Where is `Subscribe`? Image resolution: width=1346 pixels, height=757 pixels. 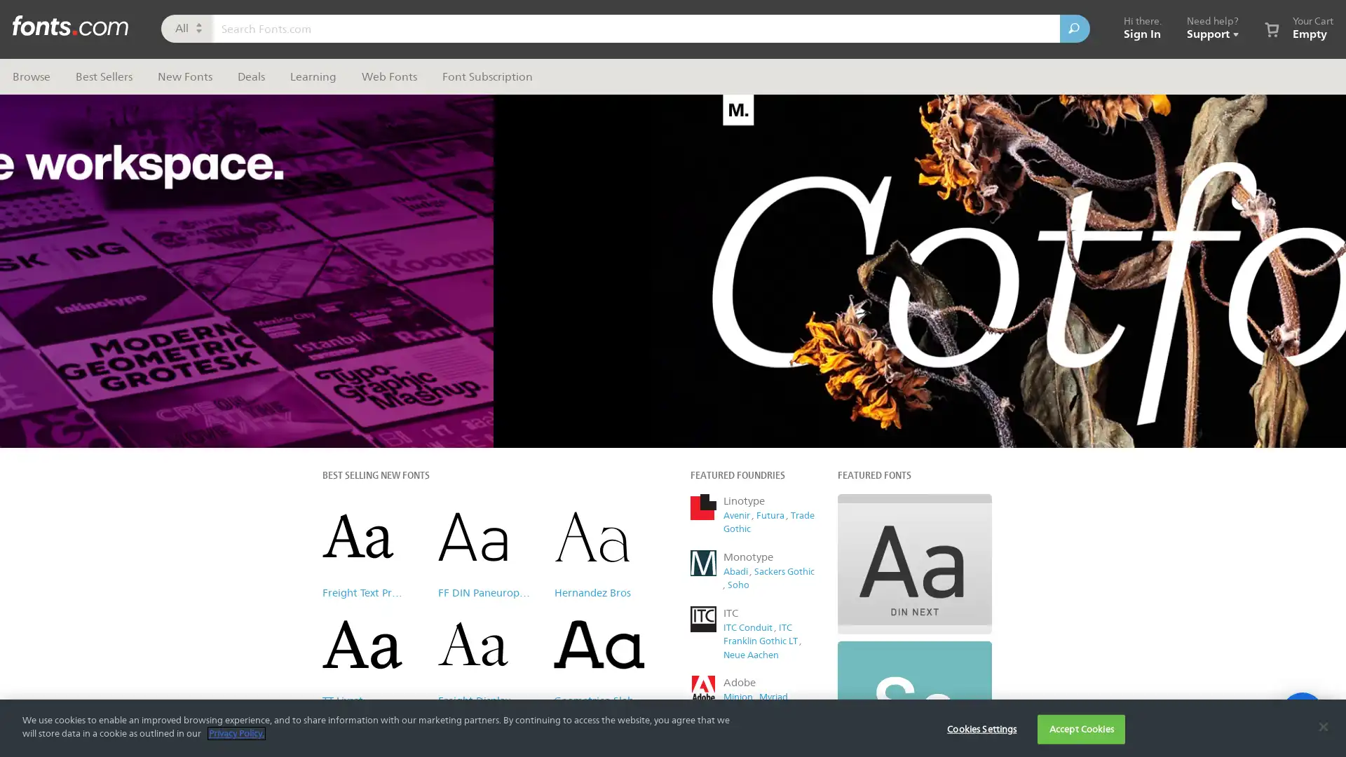 Subscribe is located at coordinates (813, 361).